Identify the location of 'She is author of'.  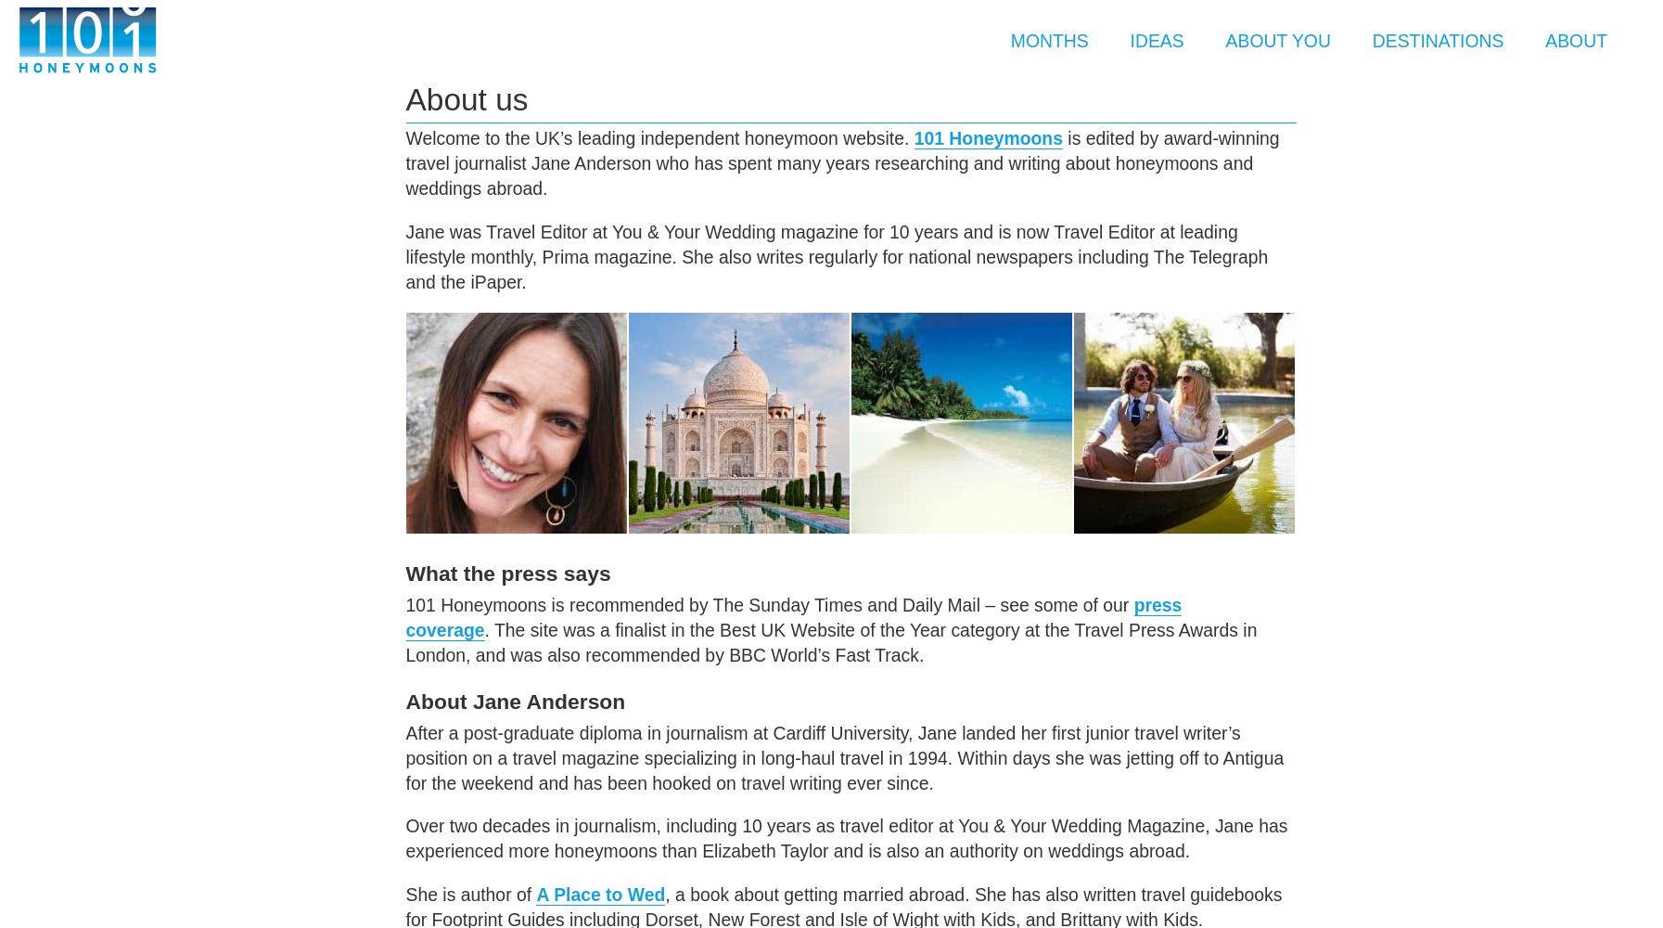
(403, 893).